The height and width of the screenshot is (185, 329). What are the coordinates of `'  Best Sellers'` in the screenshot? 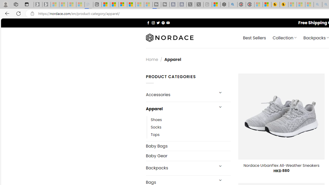 It's located at (254, 37).